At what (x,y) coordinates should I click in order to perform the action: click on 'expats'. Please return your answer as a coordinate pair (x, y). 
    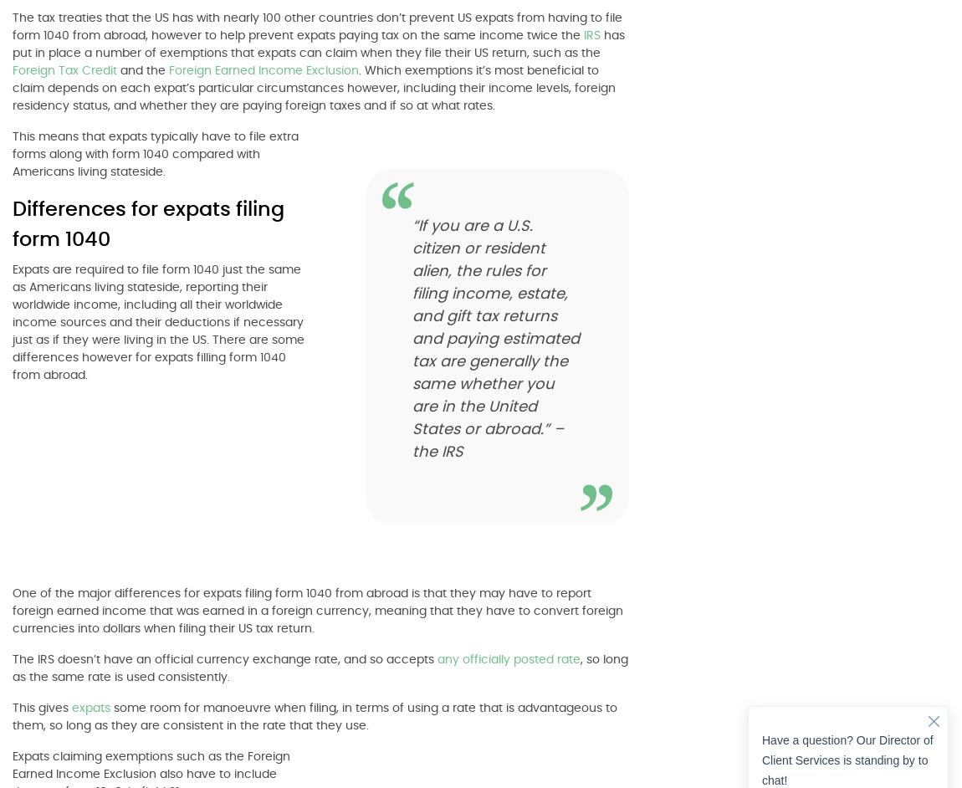
    Looking at the image, I should click on (91, 707).